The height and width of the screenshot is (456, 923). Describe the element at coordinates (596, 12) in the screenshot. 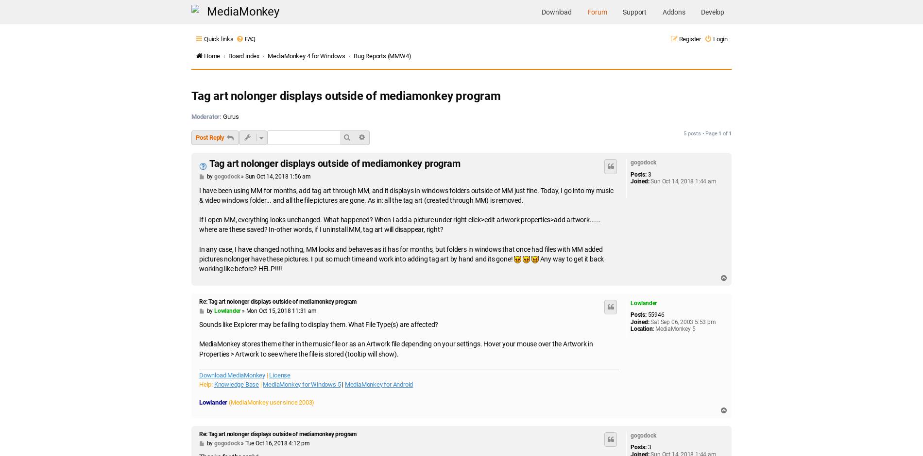

I see `'Forum'` at that location.